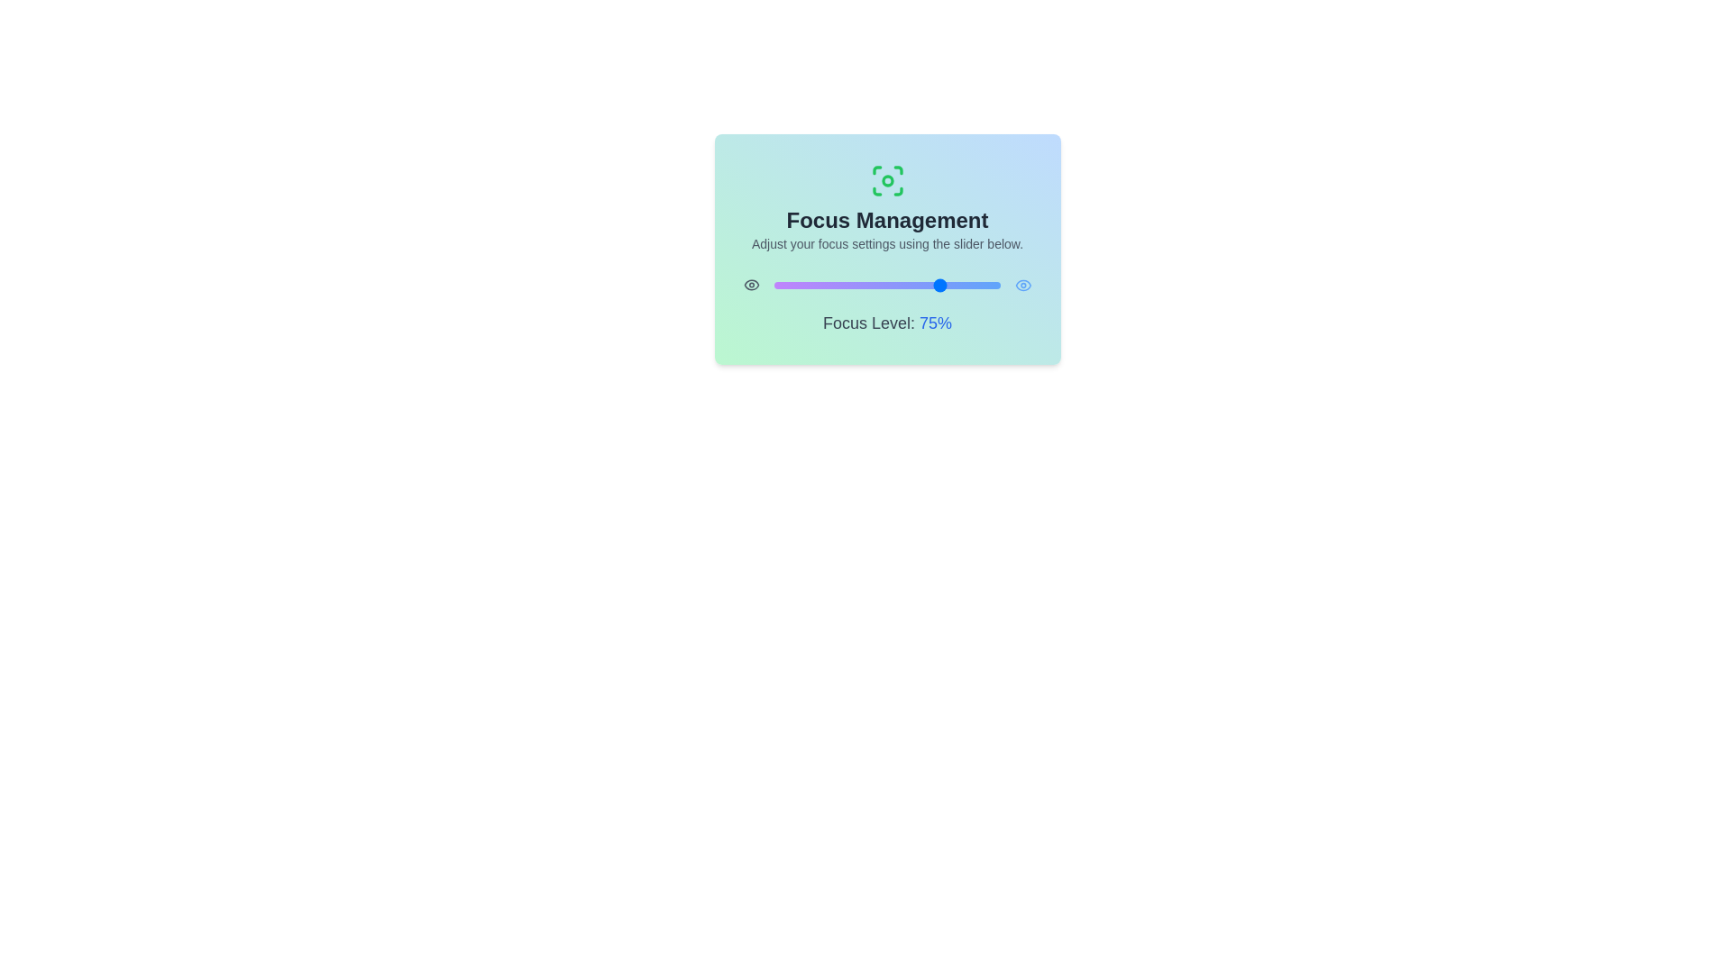 The width and height of the screenshot is (1731, 973). Describe the element at coordinates (852, 284) in the screenshot. I see `the focus level to 35% using the slider` at that location.